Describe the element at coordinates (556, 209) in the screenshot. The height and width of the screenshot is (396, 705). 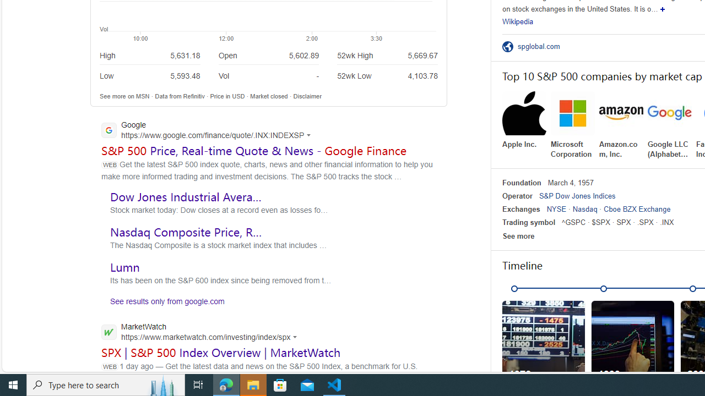
I see `'NYSE'` at that location.